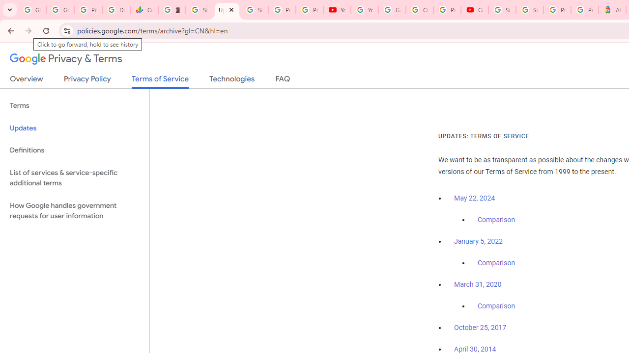 This screenshot has width=629, height=353. I want to click on 'Privacy Checkup', so click(309, 10).